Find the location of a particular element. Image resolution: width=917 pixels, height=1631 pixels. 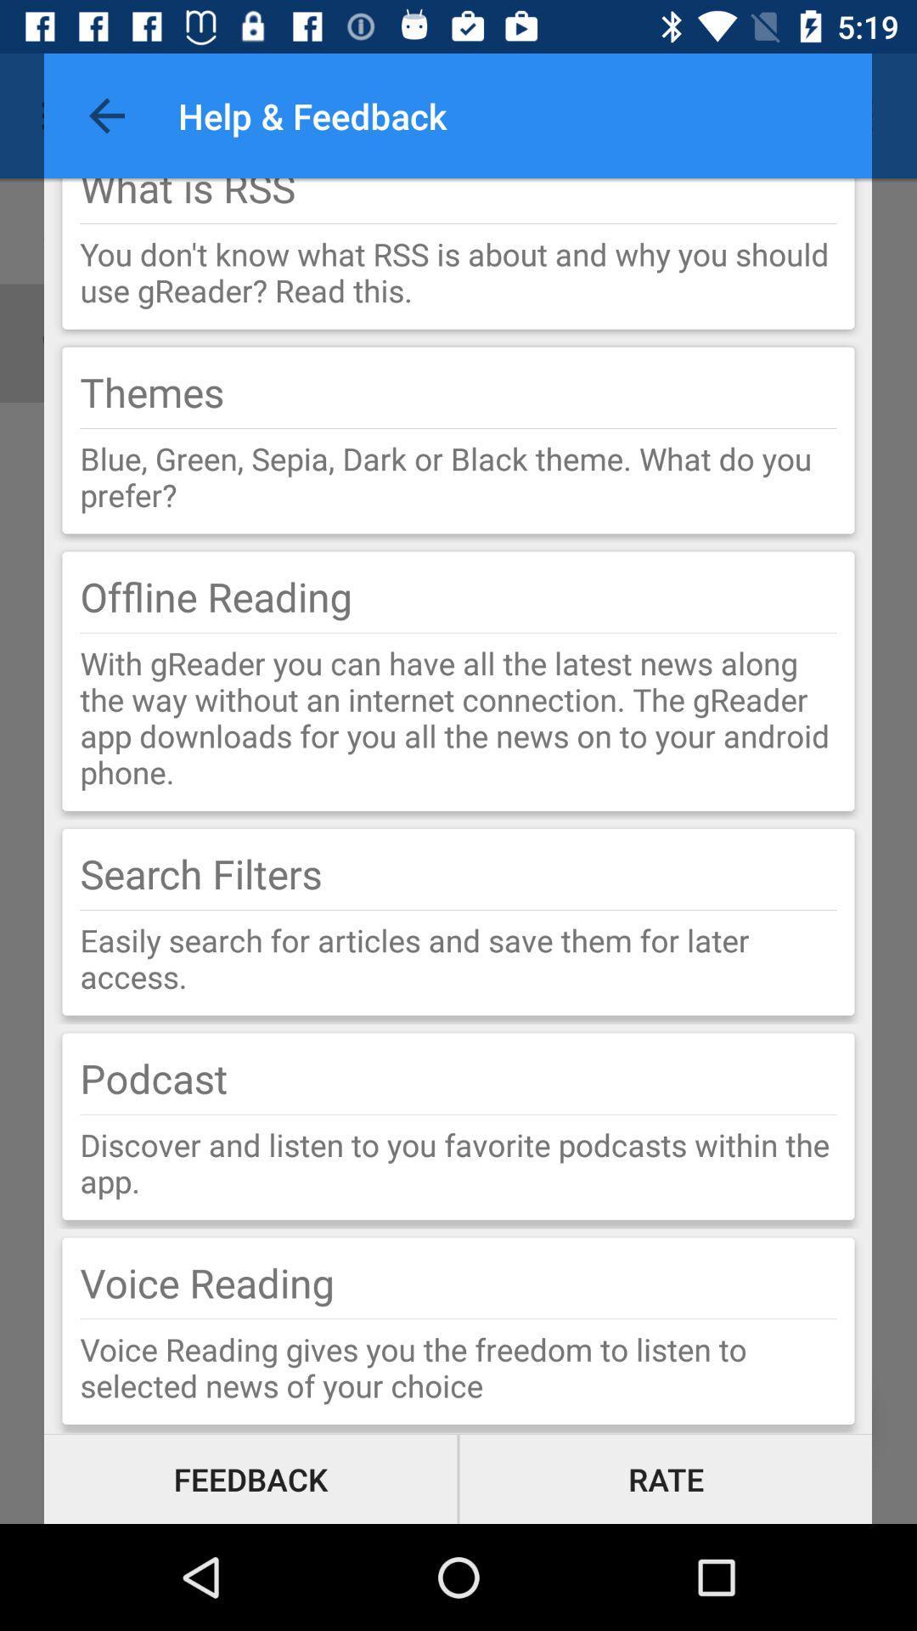

blue green sepia icon is located at coordinates (458, 476).